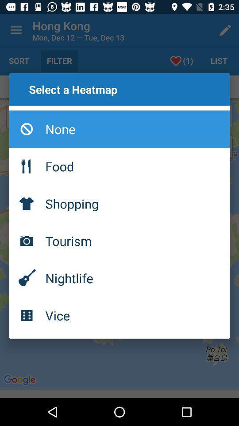 The width and height of the screenshot is (239, 426). What do you see at coordinates (119, 128) in the screenshot?
I see `none` at bounding box center [119, 128].